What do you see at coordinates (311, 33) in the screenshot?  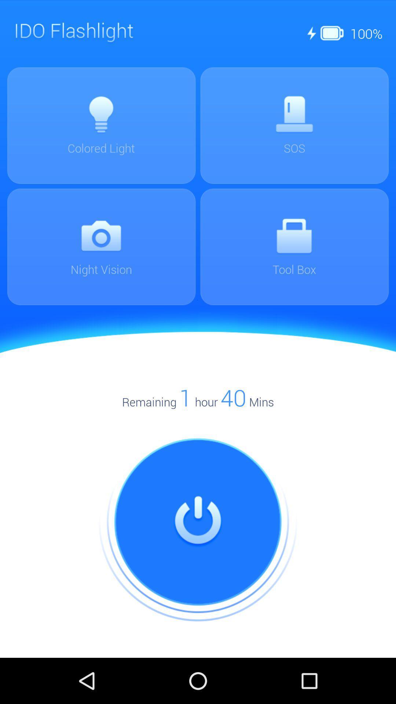 I see `first the icon at the top right corner` at bounding box center [311, 33].